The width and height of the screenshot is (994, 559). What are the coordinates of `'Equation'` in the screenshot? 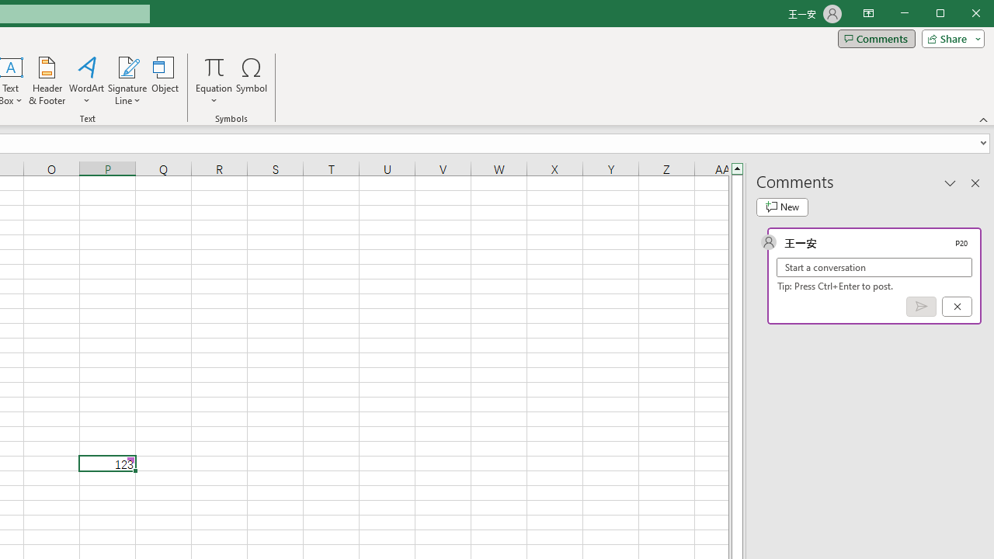 It's located at (213, 66).